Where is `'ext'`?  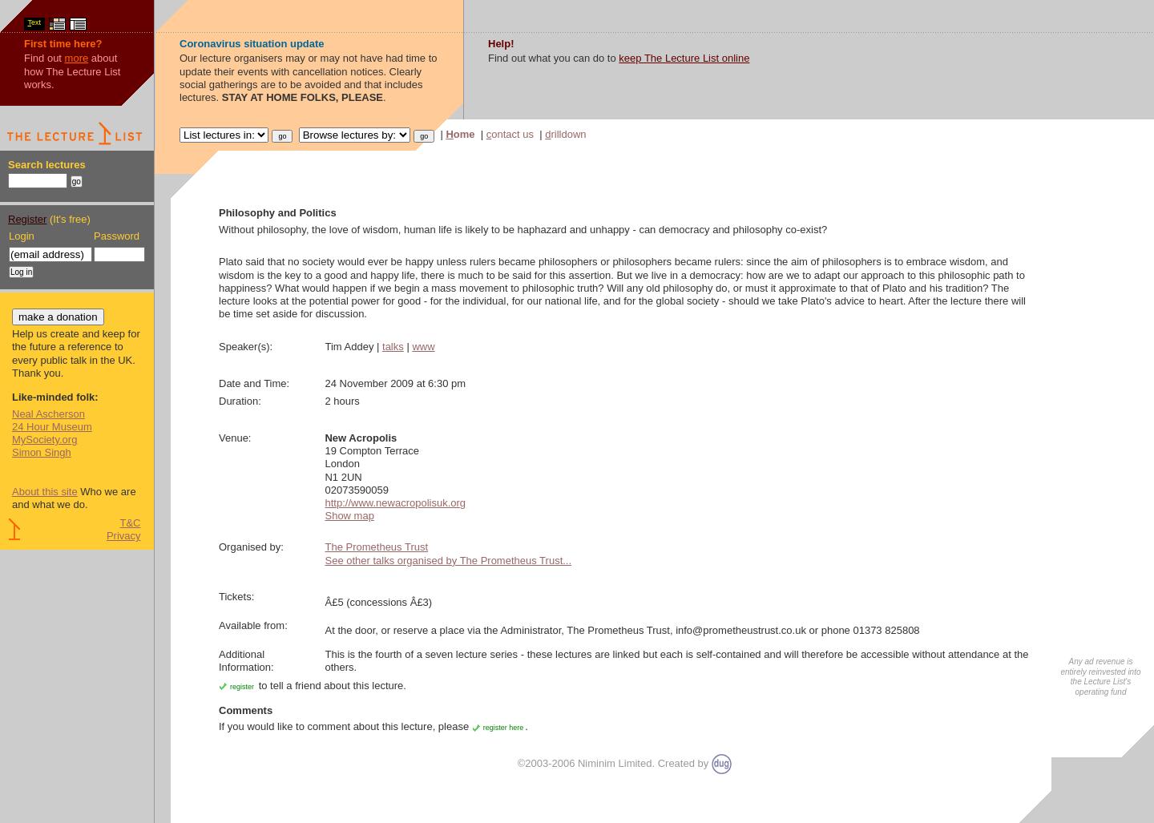 'ext' is located at coordinates (34, 22).